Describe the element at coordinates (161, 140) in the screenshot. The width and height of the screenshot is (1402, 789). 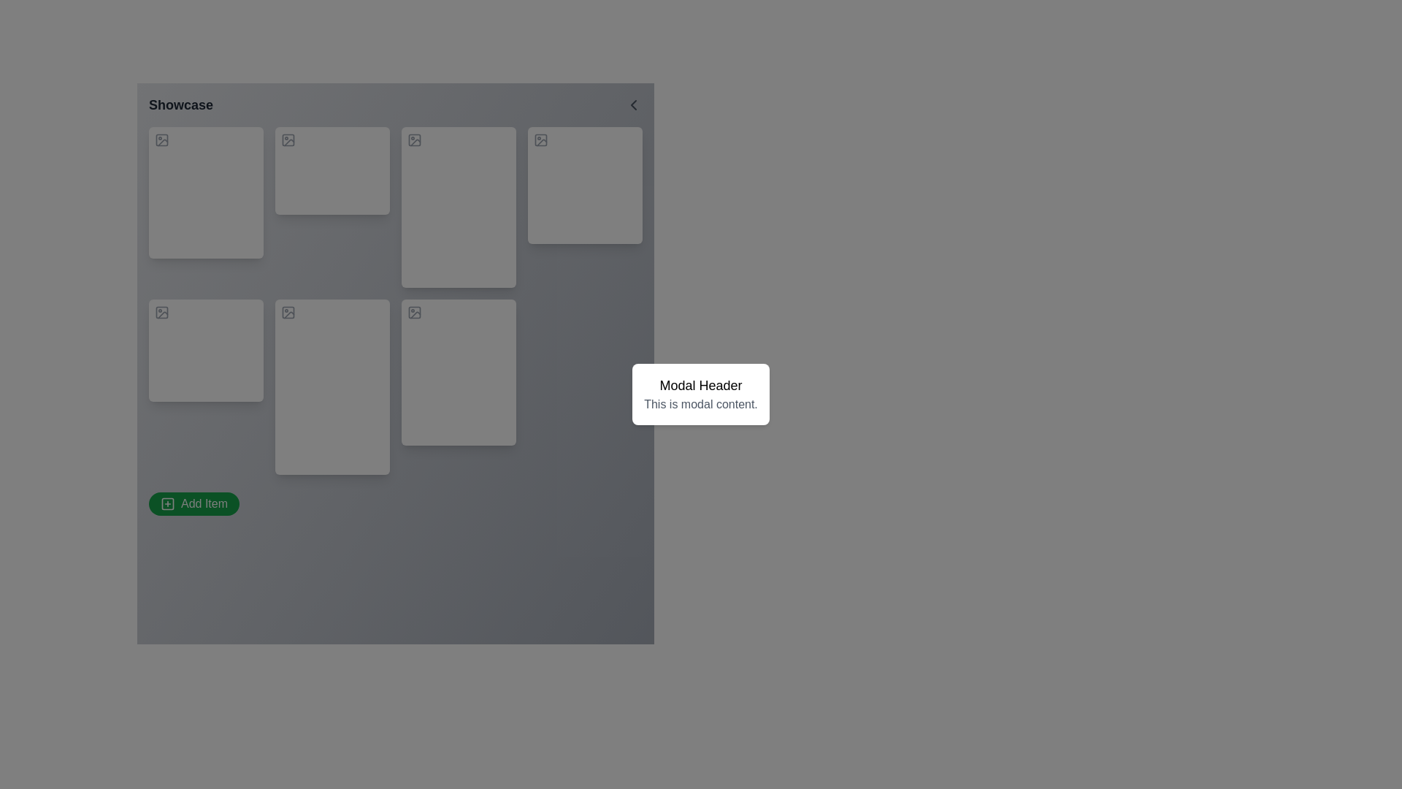
I see `the decorative icon located at the top-left corner of the primary card in the grid layout, which may indicate an action or status related to the card` at that location.